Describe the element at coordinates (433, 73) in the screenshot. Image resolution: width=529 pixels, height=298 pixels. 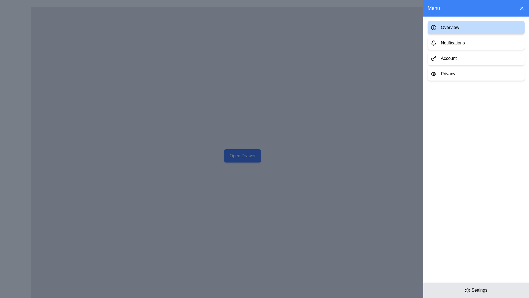
I see `the 'Privacy' option` at that location.